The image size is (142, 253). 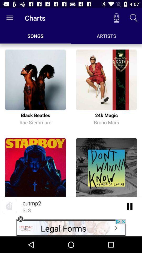 What do you see at coordinates (20, 219) in the screenshot?
I see `coles` at bounding box center [20, 219].